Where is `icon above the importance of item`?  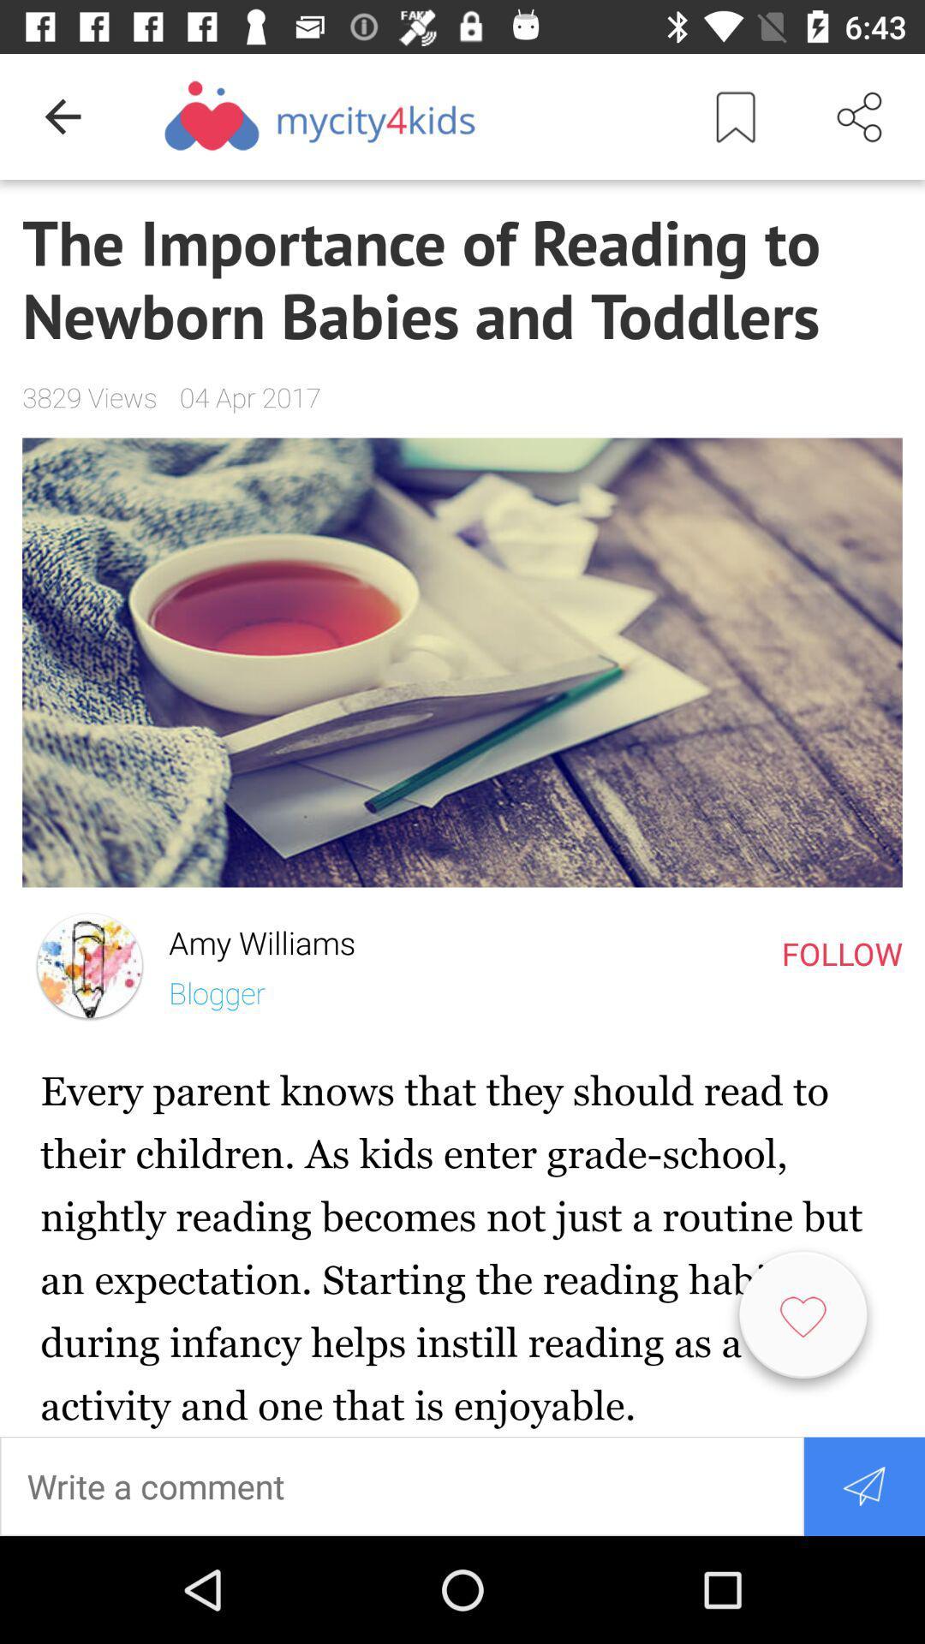 icon above the importance of item is located at coordinates (735, 116).